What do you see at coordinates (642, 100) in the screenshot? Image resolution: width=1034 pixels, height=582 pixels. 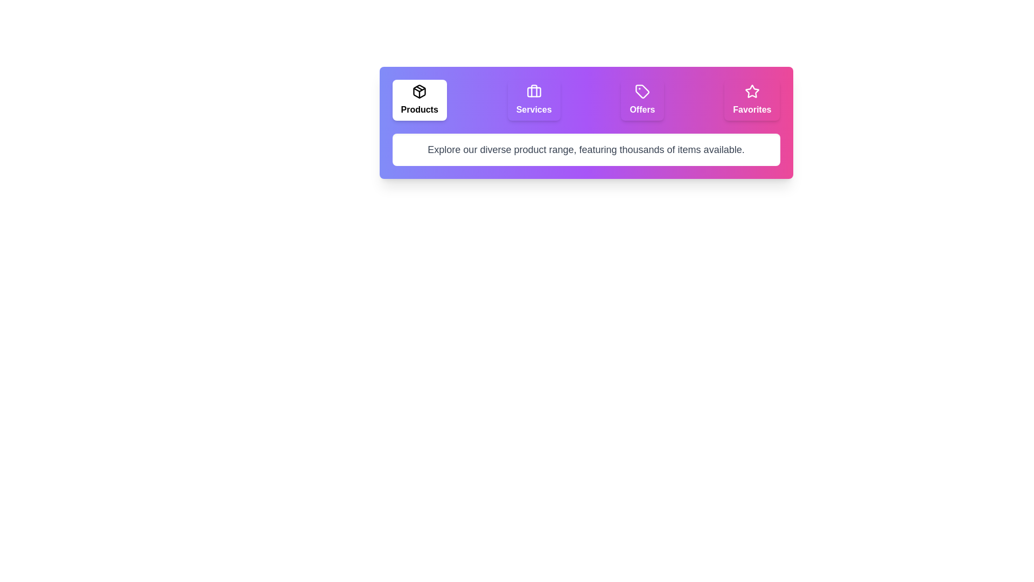 I see `the tab labeled 'Offers' to display its description` at bounding box center [642, 100].